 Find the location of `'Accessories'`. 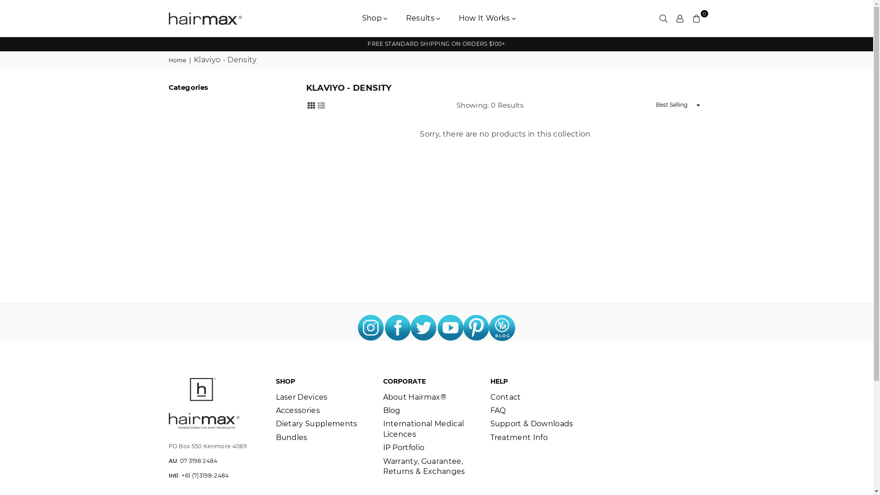

'Accessories' is located at coordinates (298, 410).